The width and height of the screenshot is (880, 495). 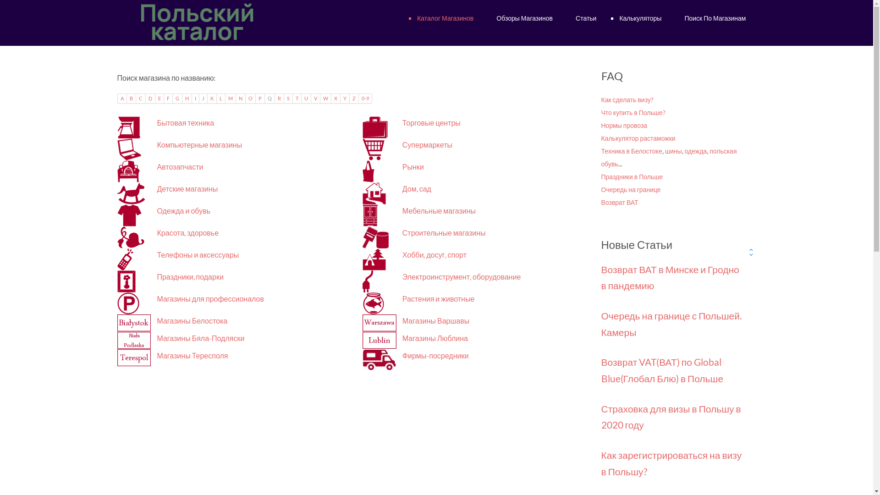 I want to click on 'G', so click(x=177, y=99).